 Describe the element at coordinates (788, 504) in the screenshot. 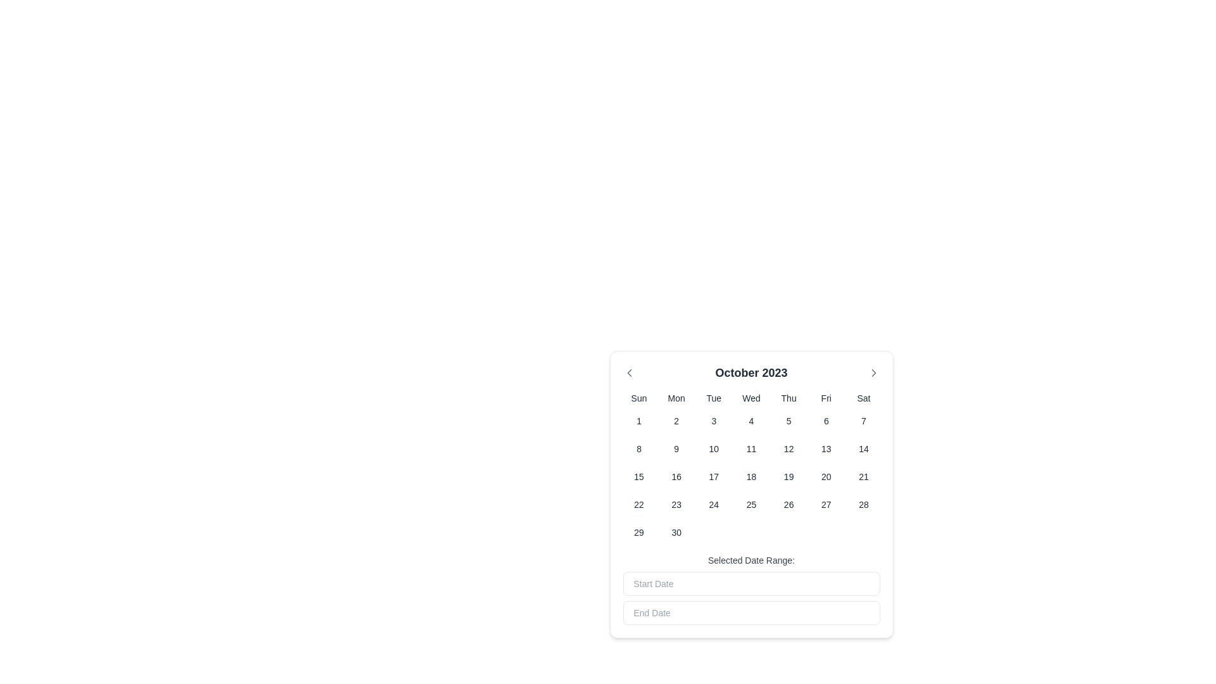

I see `the calendar day button located under the 'Thu' header in the row starting with '22', specifically the fifth column` at that location.